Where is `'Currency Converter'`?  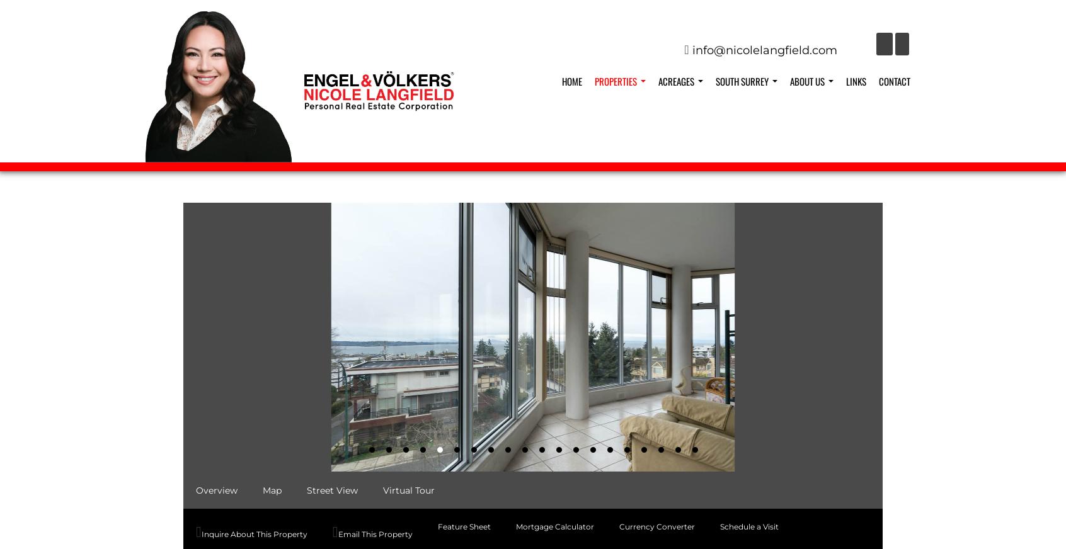
'Currency Converter' is located at coordinates (655, 526).